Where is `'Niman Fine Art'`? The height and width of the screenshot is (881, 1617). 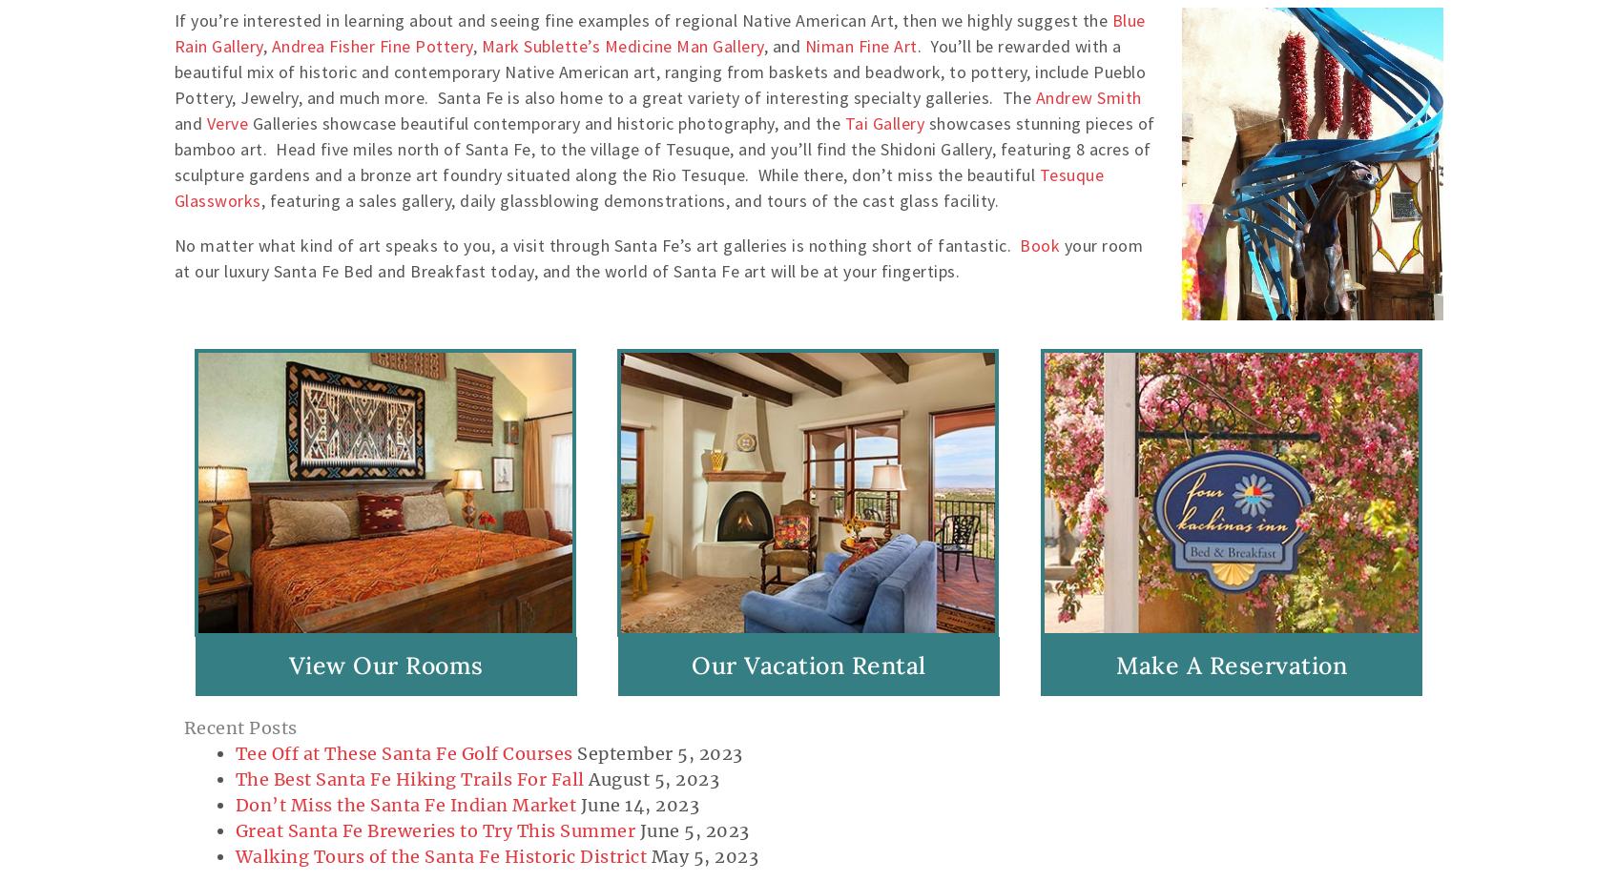 'Niman Fine Art' is located at coordinates (860, 45).